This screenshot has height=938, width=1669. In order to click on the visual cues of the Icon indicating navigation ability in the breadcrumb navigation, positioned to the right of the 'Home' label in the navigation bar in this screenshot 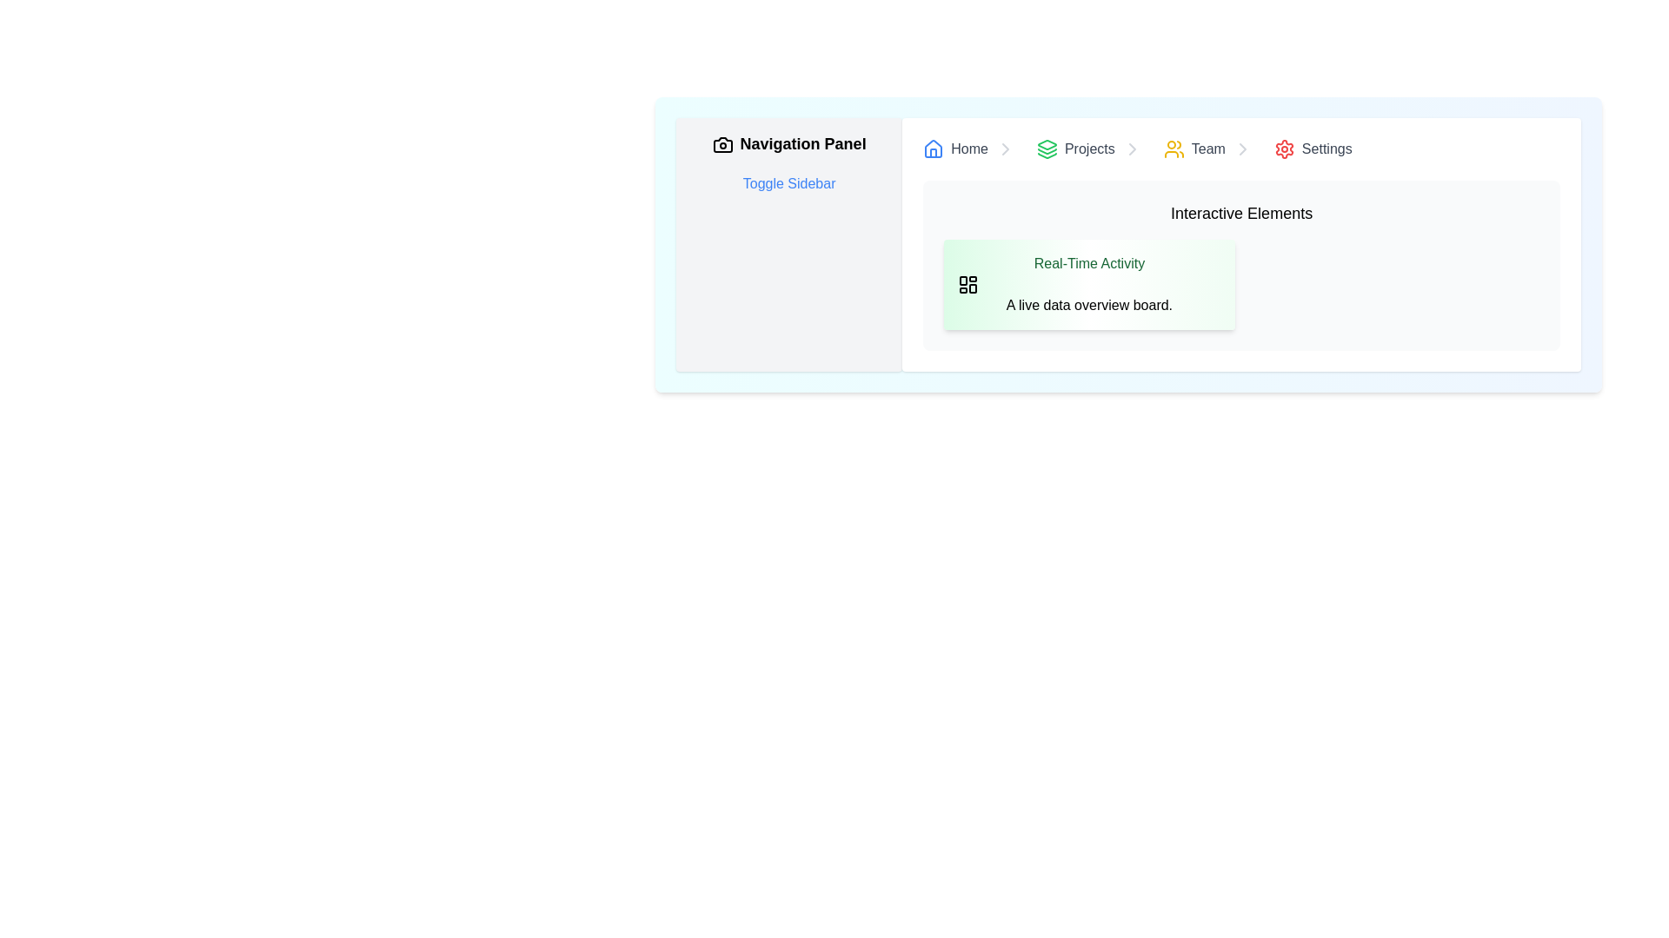, I will do `click(1005, 149)`.